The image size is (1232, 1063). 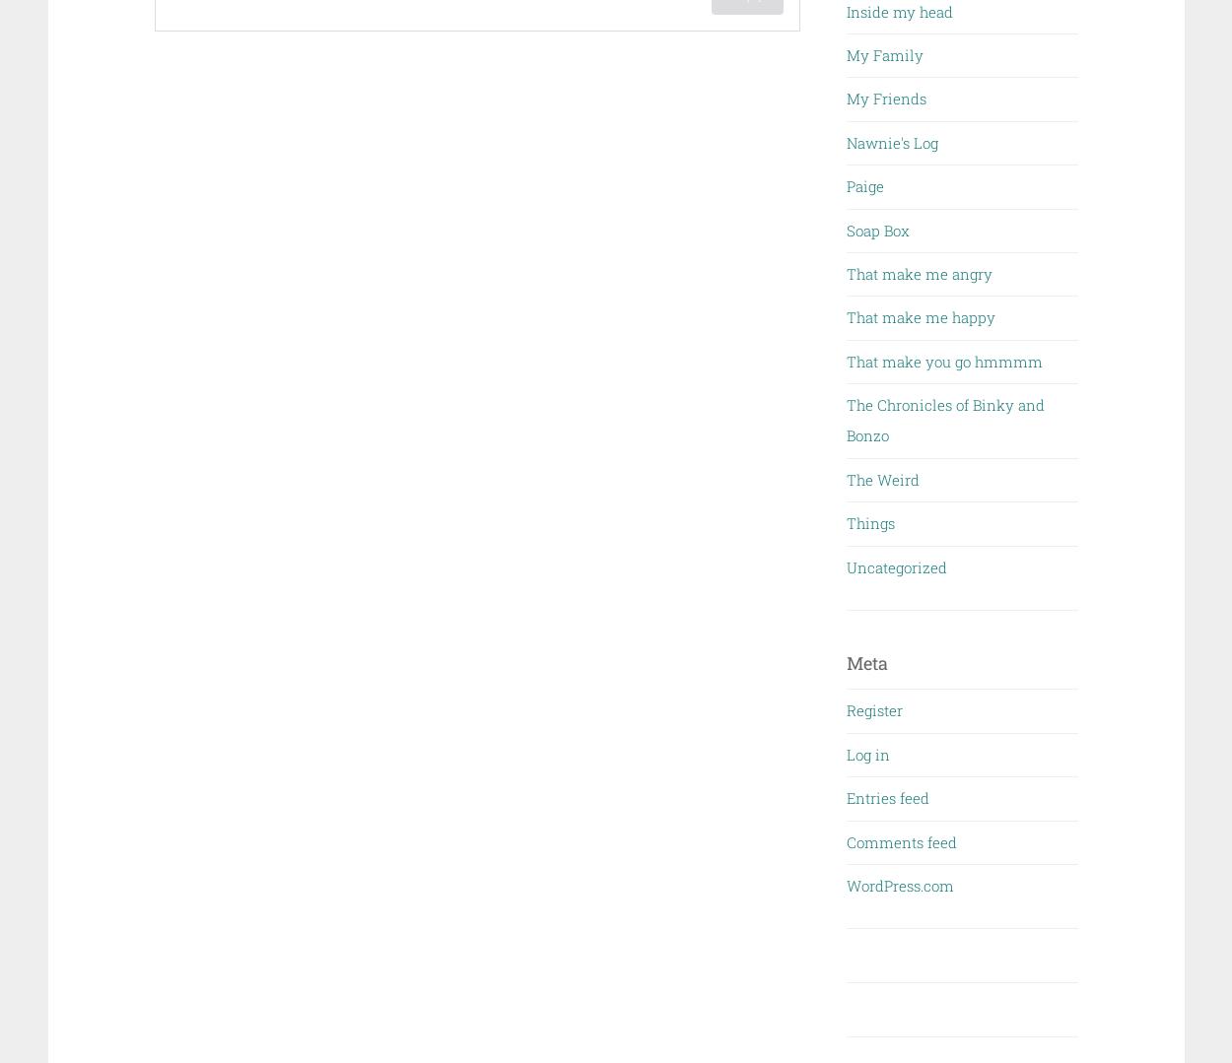 I want to click on 'Nawnie's Log', so click(x=846, y=141).